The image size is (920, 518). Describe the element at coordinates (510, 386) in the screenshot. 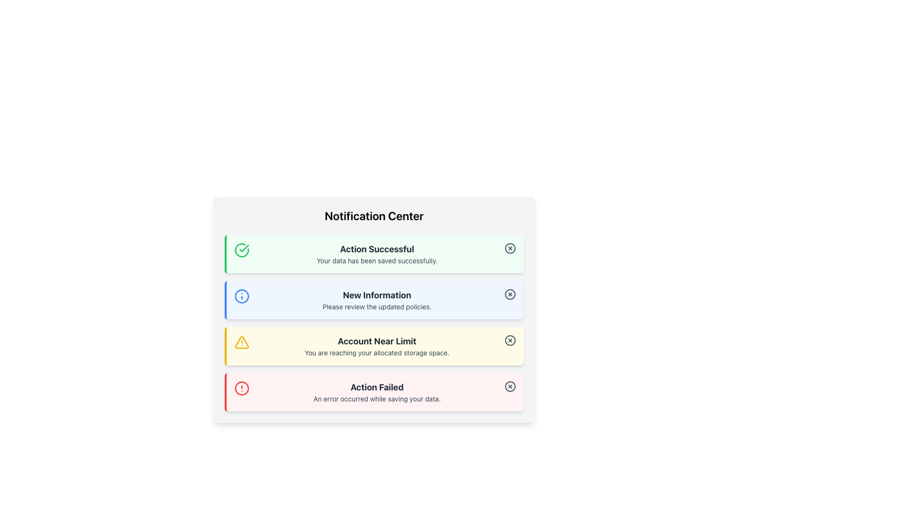

I see `the small circular button with an 'X' icon inside, located at the far-right of the notification card titled 'Action Failed'` at that location.